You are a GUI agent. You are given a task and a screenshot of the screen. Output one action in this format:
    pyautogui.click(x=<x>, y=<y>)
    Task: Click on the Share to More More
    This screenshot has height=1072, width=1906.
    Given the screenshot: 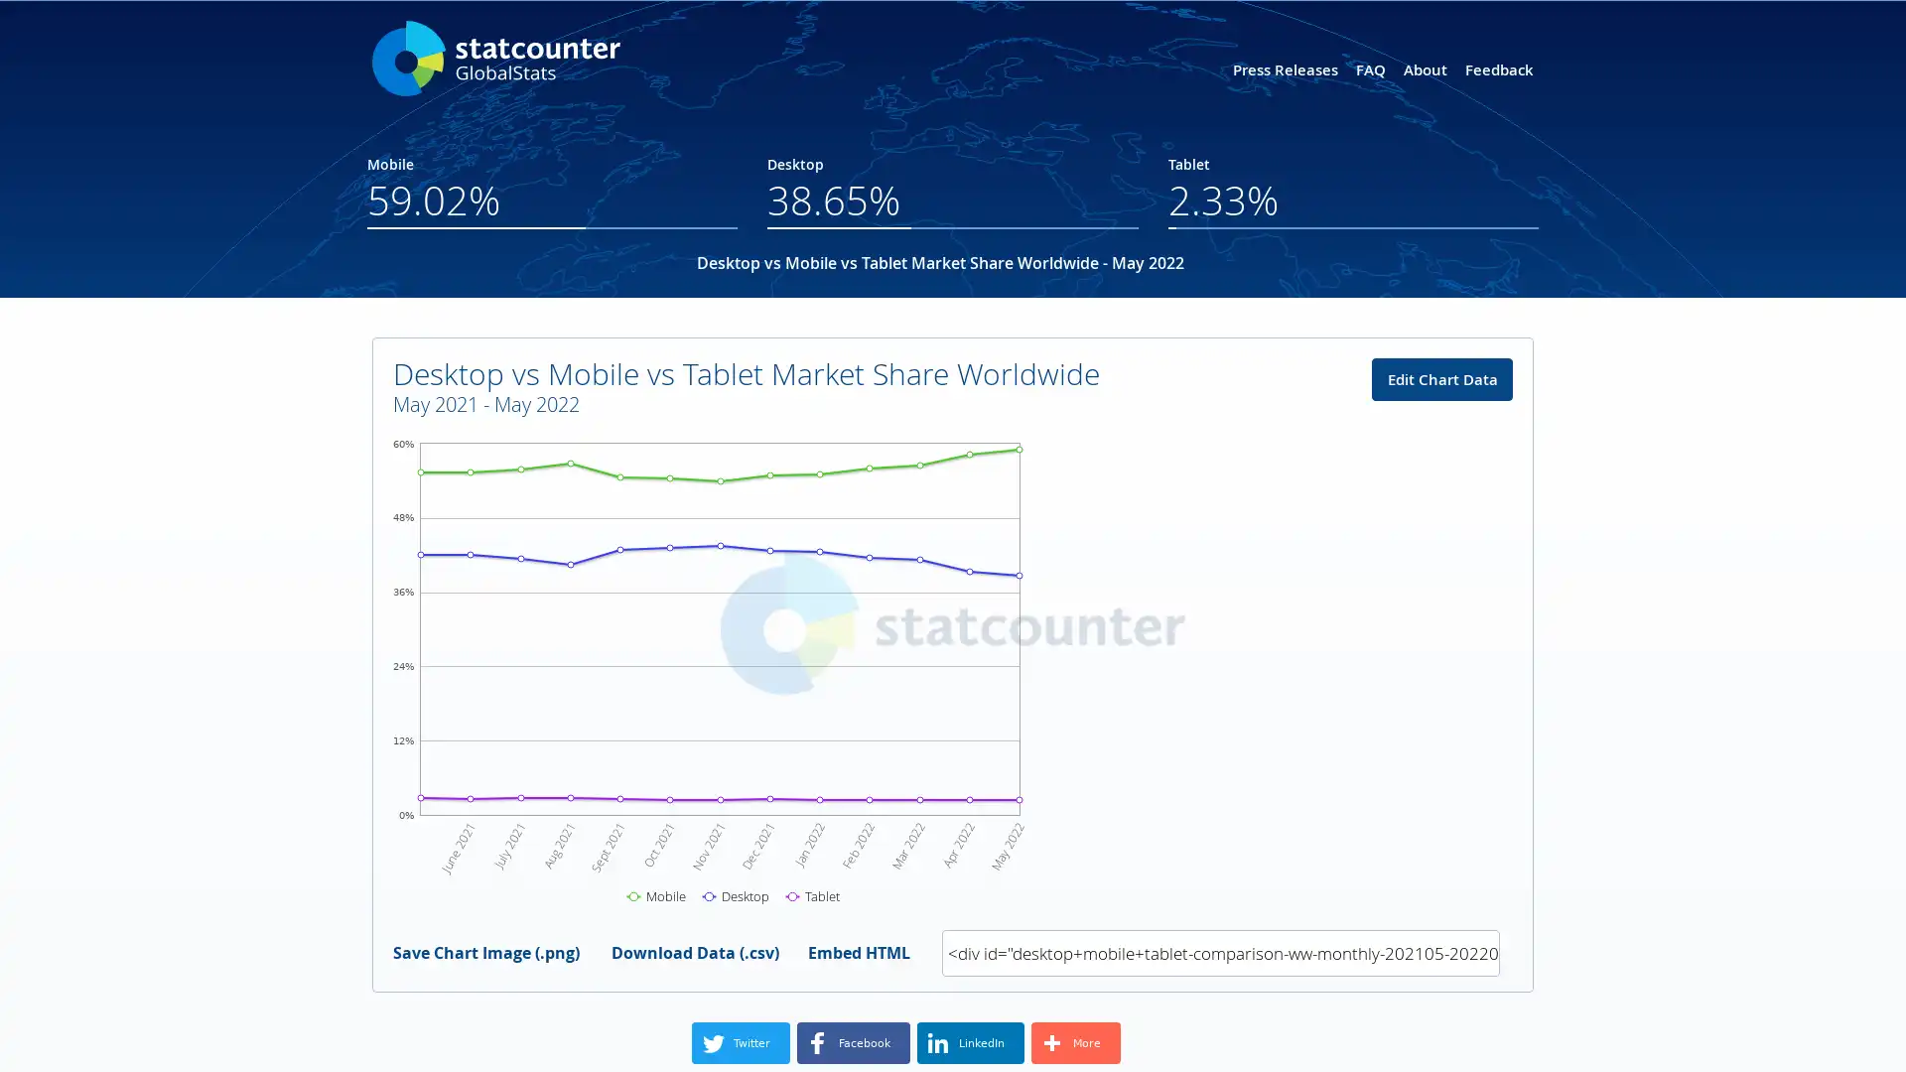 What is the action you would take?
    pyautogui.click(x=1066, y=1041)
    